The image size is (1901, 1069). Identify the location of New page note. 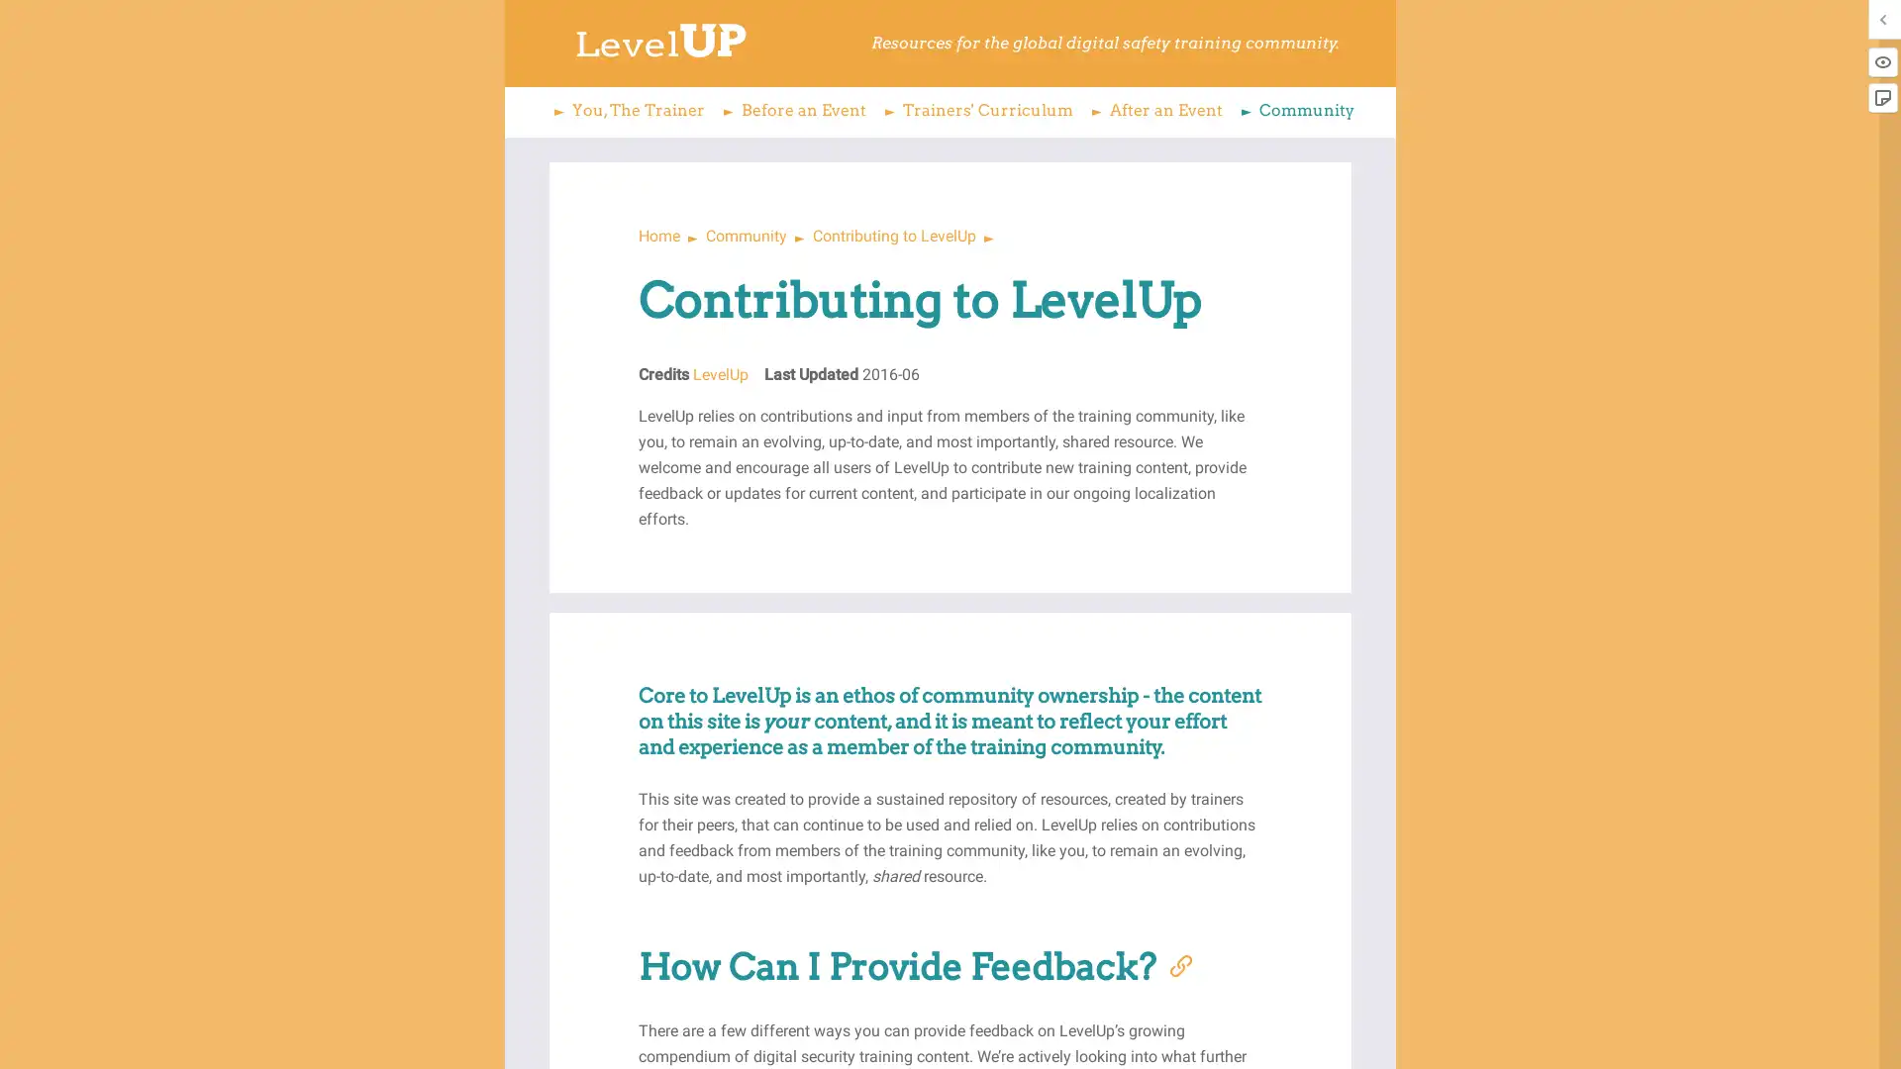
(1881, 98).